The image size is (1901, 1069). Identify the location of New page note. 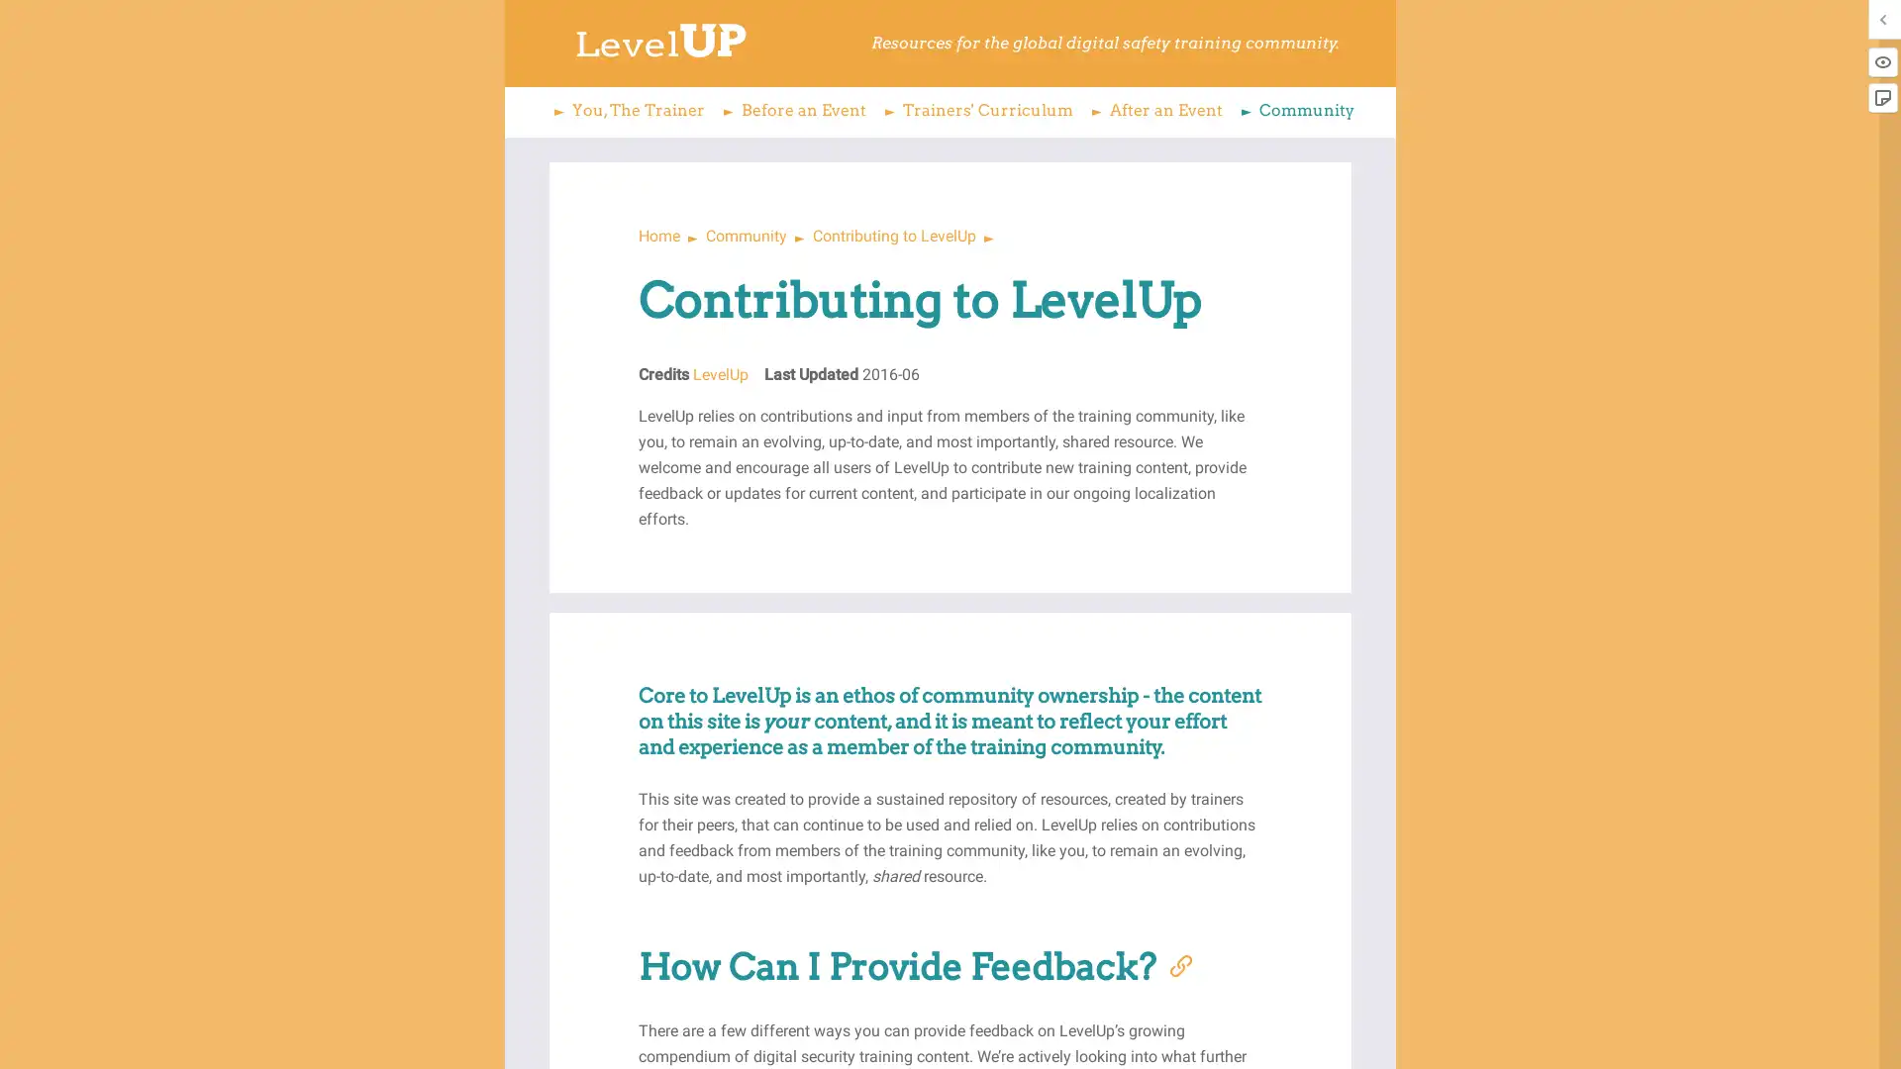
(1881, 98).